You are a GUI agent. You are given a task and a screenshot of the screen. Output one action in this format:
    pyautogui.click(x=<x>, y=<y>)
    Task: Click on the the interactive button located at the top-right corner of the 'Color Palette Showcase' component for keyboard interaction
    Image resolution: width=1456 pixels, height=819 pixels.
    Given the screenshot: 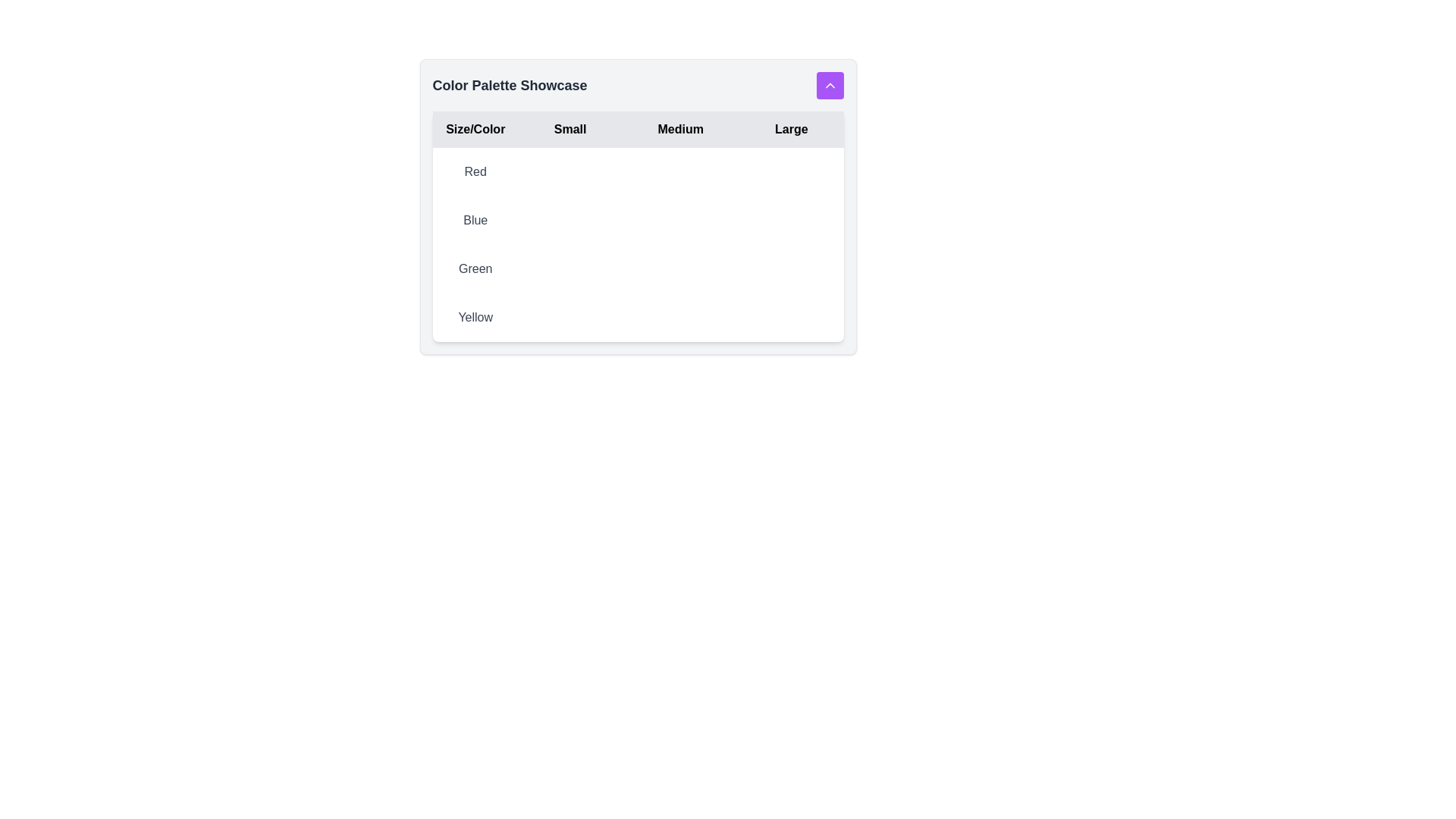 What is the action you would take?
    pyautogui.click(x=829, y=85)
    